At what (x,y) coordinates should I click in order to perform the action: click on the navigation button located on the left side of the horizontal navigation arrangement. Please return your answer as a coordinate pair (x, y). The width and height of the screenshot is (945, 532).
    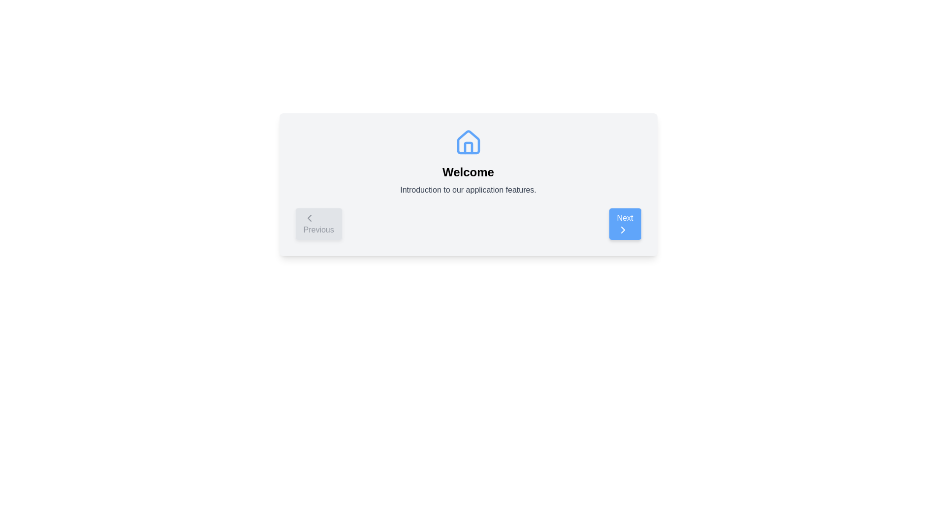
    Looking at the image, I should click on (318, 224).